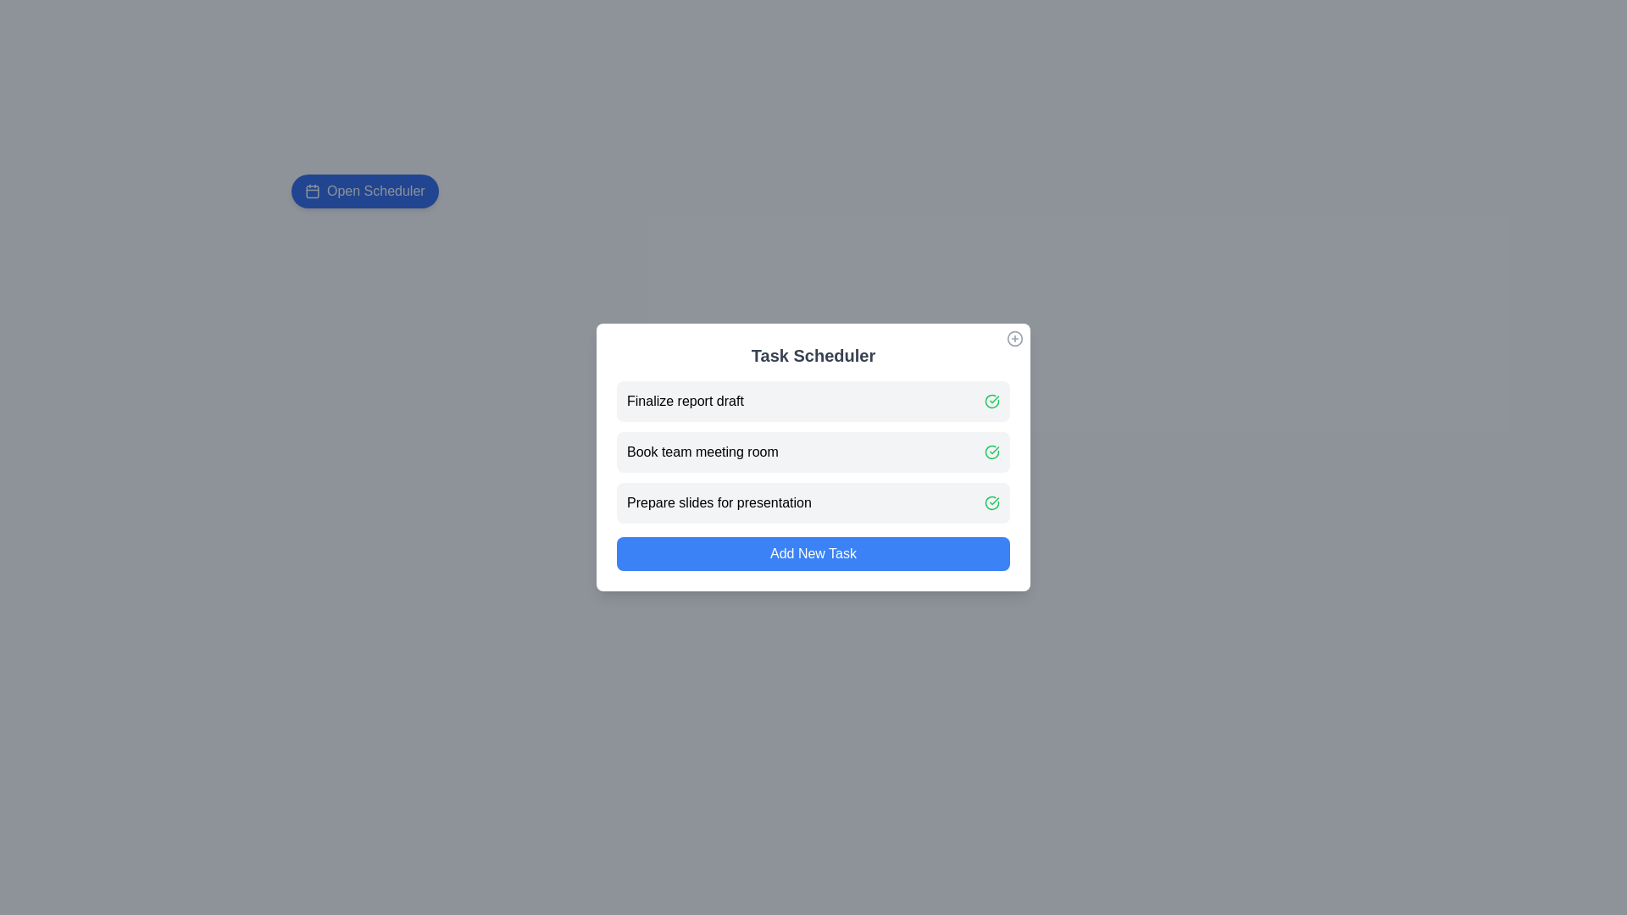  I want to click on the text label representing the task 'Prepare slides for presentation' located within the 'Task Scheduler' group box, so click(719, 502).